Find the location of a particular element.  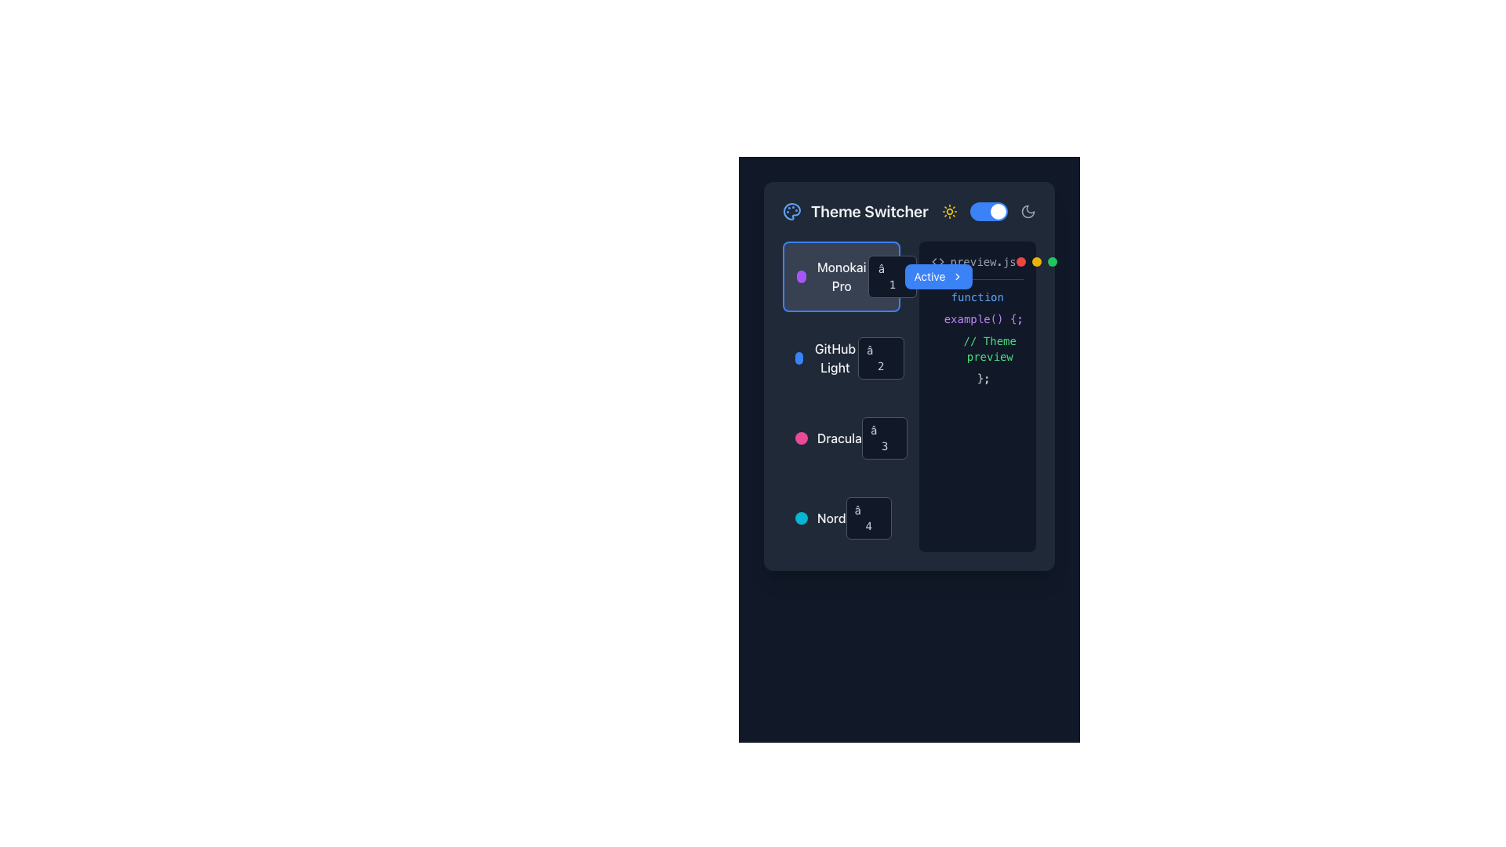

the crescent moon icon in the theme switcher interface, which is styled in a minimalistic gray appearance and located near the toggle switch is located at coordinates (1028, 212).